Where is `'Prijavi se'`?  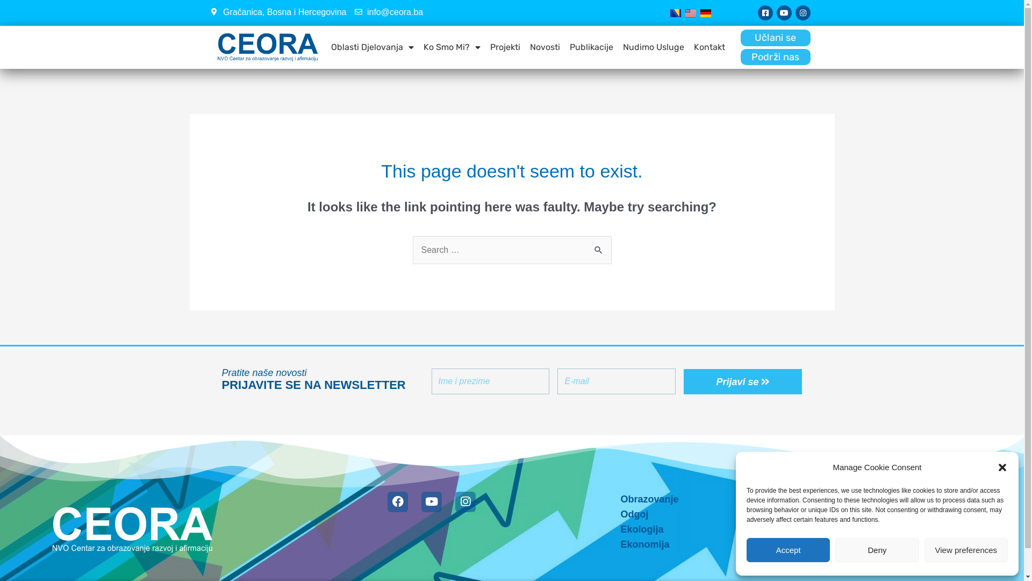 'Prijavi se' is located at coordinates (742, 381).